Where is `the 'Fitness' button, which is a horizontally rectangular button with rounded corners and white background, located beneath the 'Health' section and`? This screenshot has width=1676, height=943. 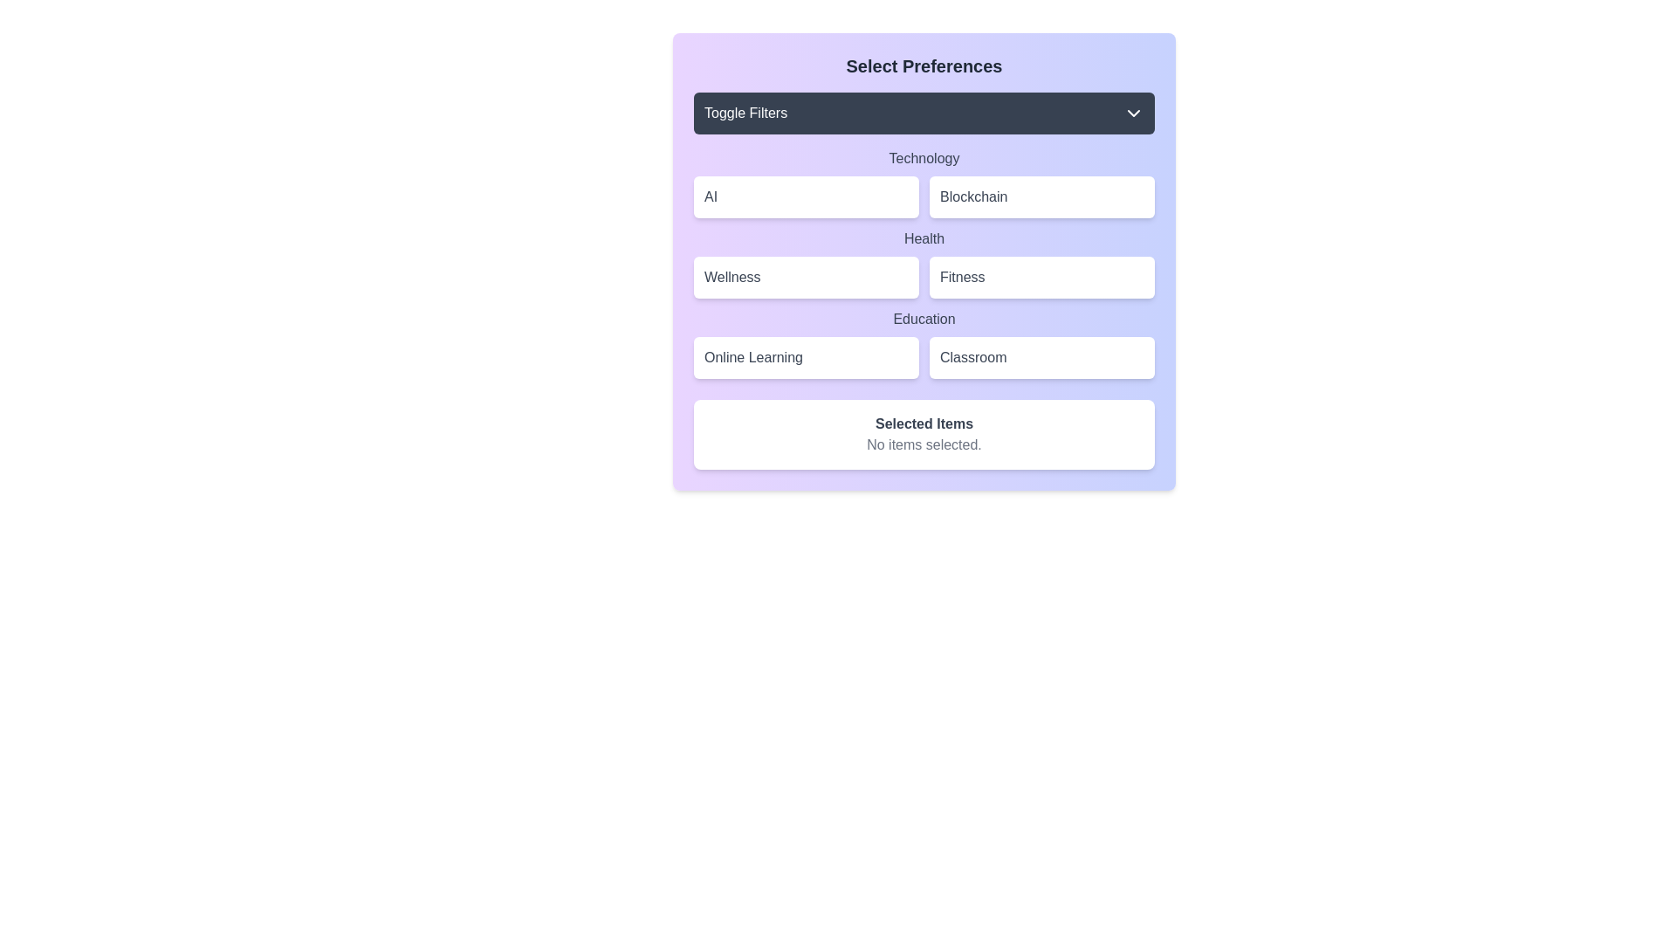 the 'Fitness' button, which is a horizontally rectangular button with rounded corners and white background, located beneath the 'Health' section and is located at coordinates (1042, 276).